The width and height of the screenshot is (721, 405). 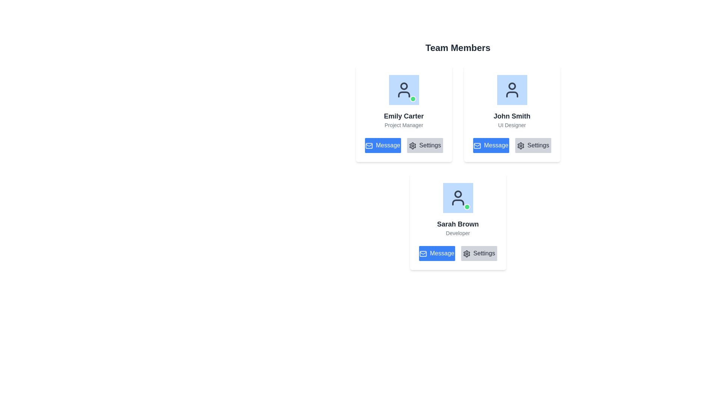 What do you see at coordinates (457, 198) in the screenshot?
I see `the user silhouette icon located at the top center of the card for 'Sarah Brown', which features a dark gray stroke on a light blue circular background, to perform associated actions` at bounding box center [457, 198].